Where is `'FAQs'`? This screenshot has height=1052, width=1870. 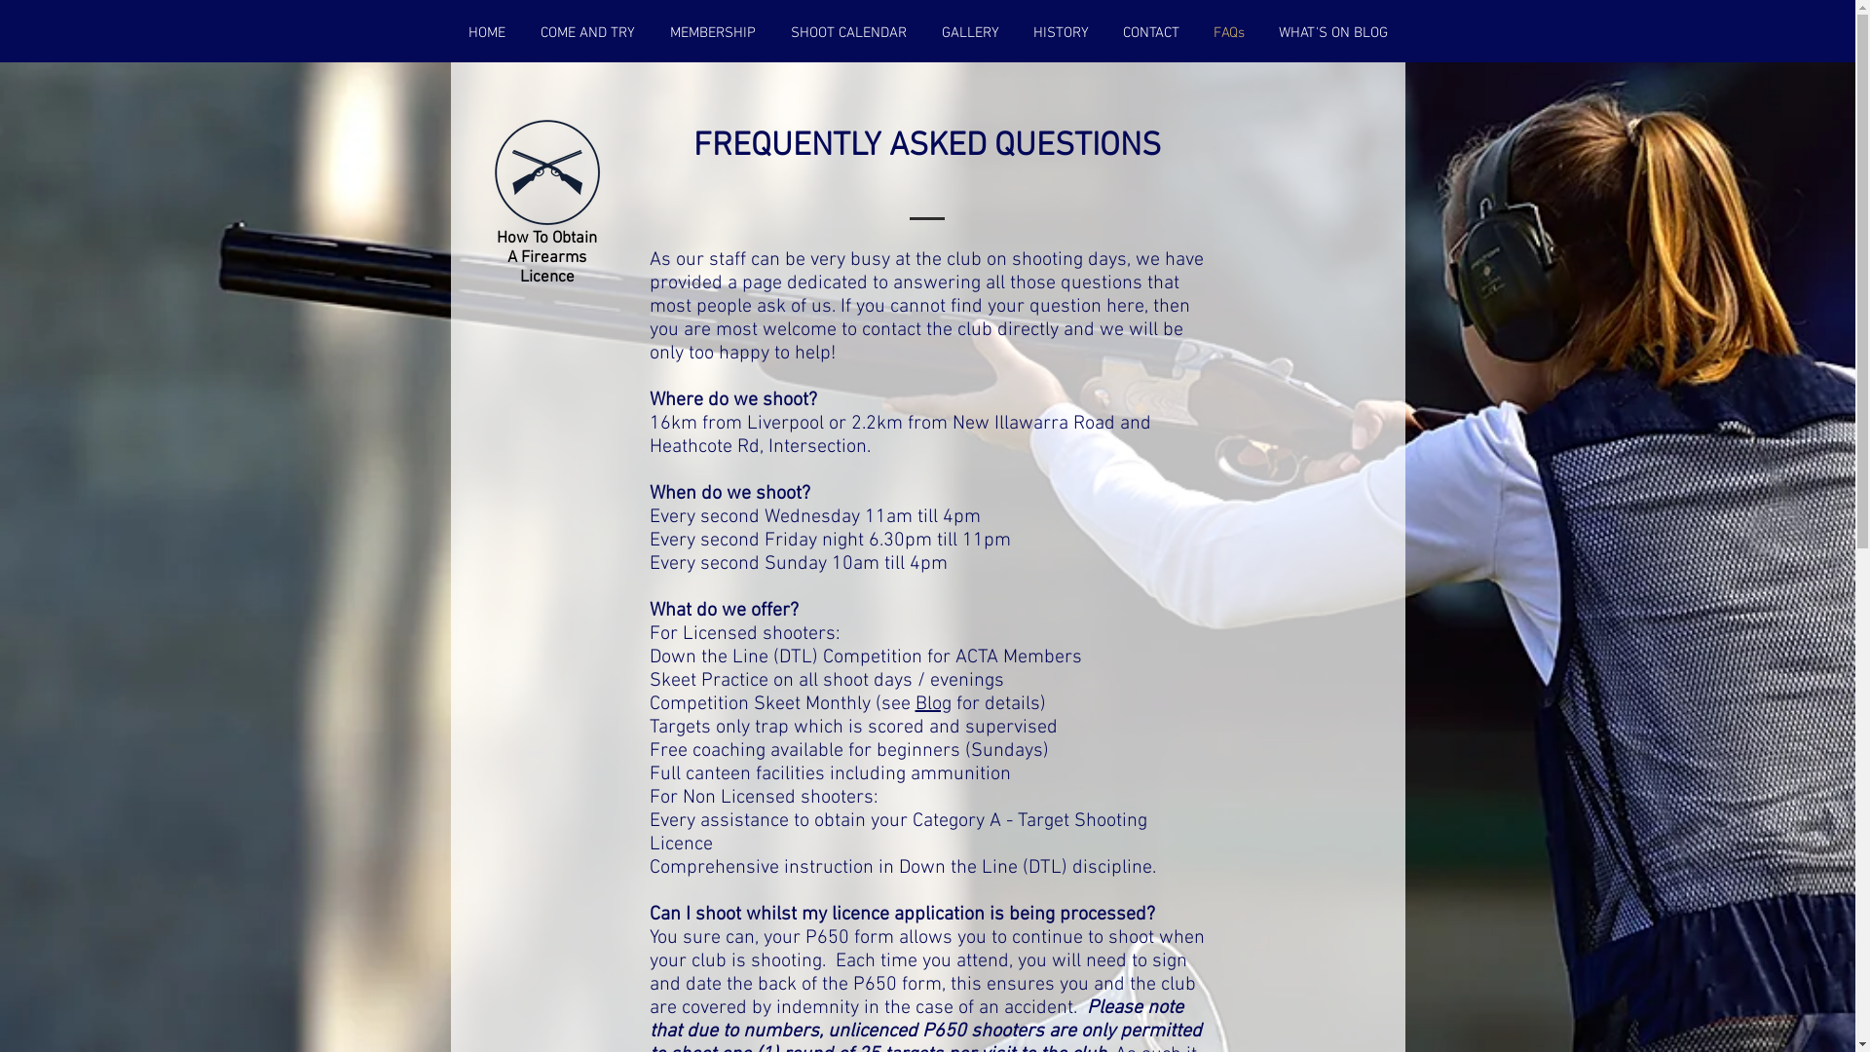 'FAQs' is located at coordinates (1227, 33).